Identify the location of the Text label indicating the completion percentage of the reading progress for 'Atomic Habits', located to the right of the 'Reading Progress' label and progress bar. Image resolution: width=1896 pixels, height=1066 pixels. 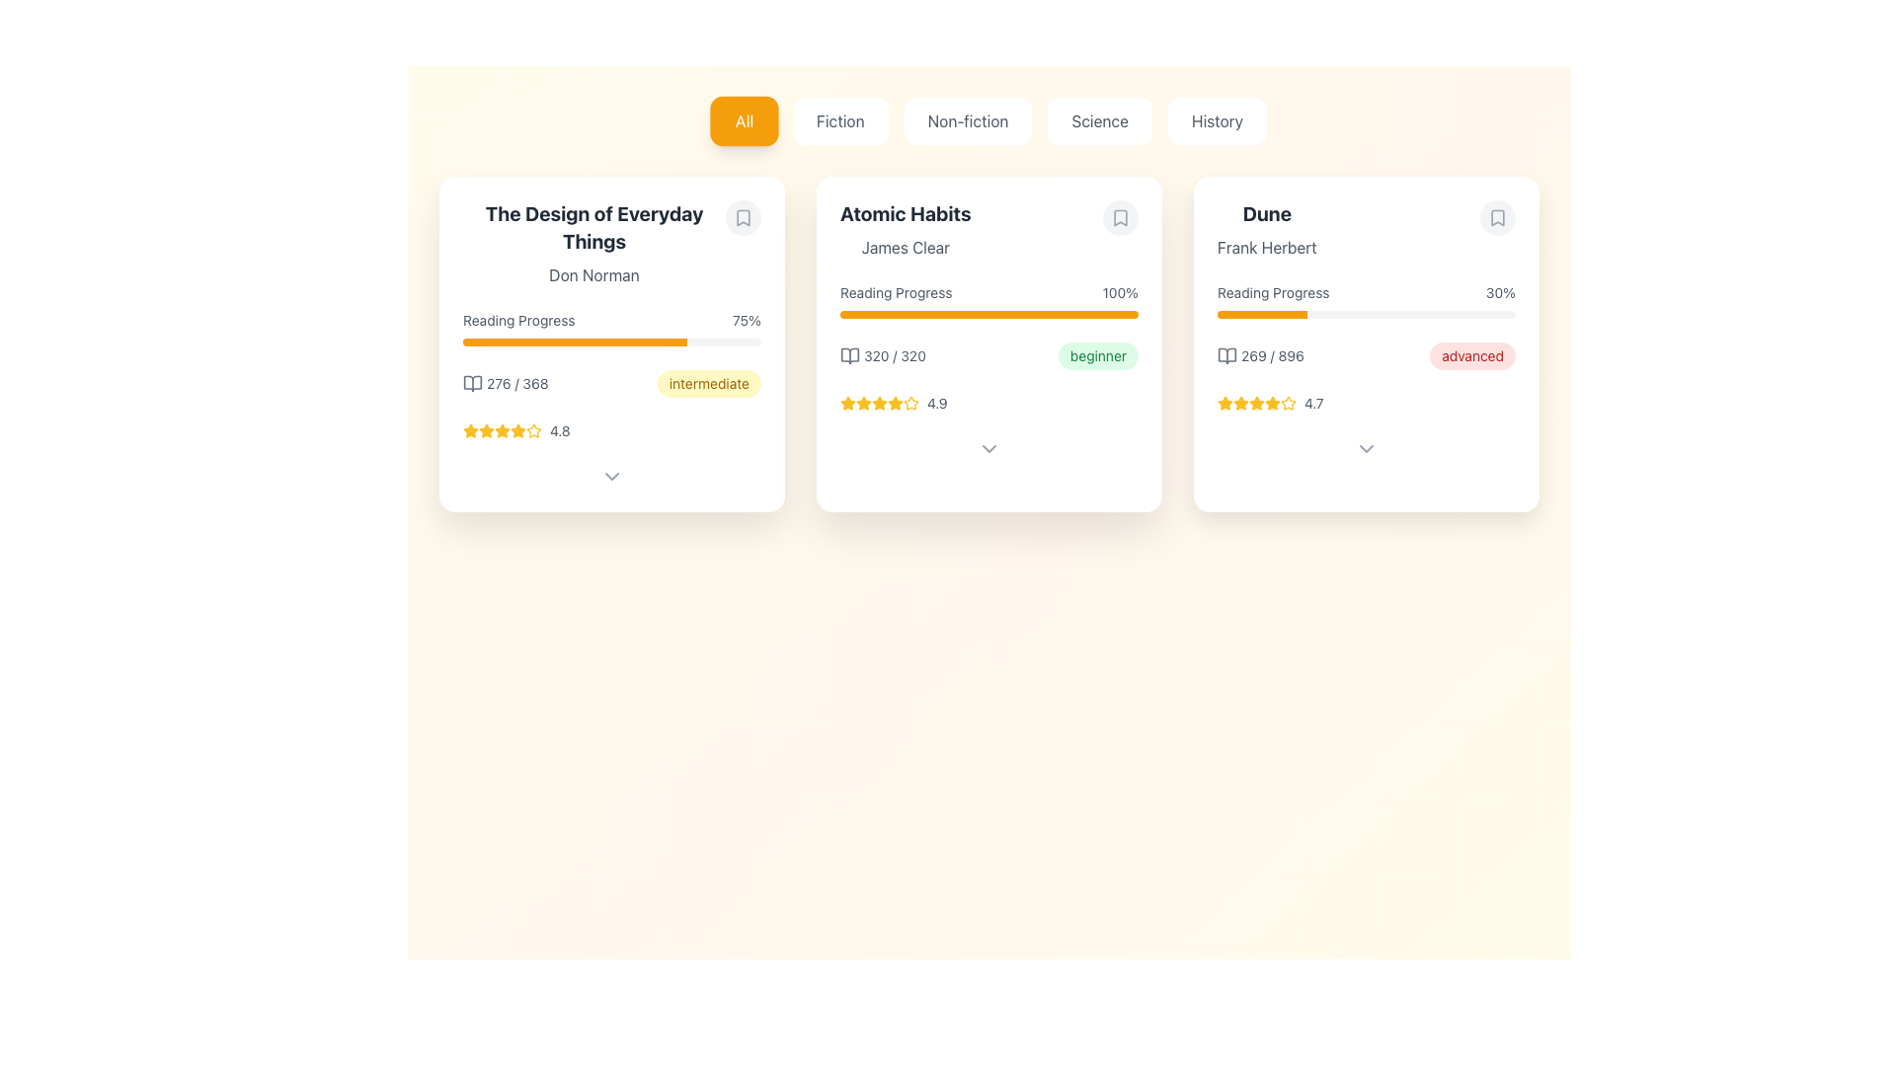
(1120, 293).